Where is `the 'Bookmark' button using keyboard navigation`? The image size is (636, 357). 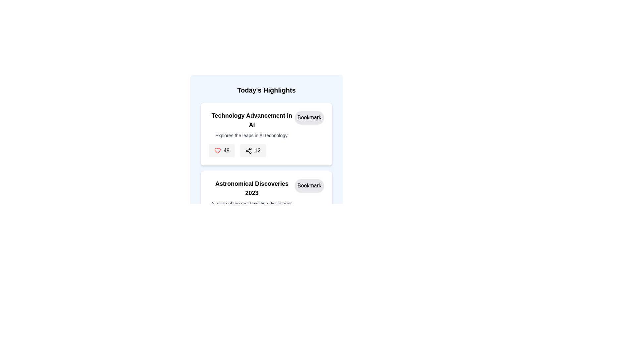 the 'Bookmark' button using keyboard navigation is located at coordinates (309, 117).